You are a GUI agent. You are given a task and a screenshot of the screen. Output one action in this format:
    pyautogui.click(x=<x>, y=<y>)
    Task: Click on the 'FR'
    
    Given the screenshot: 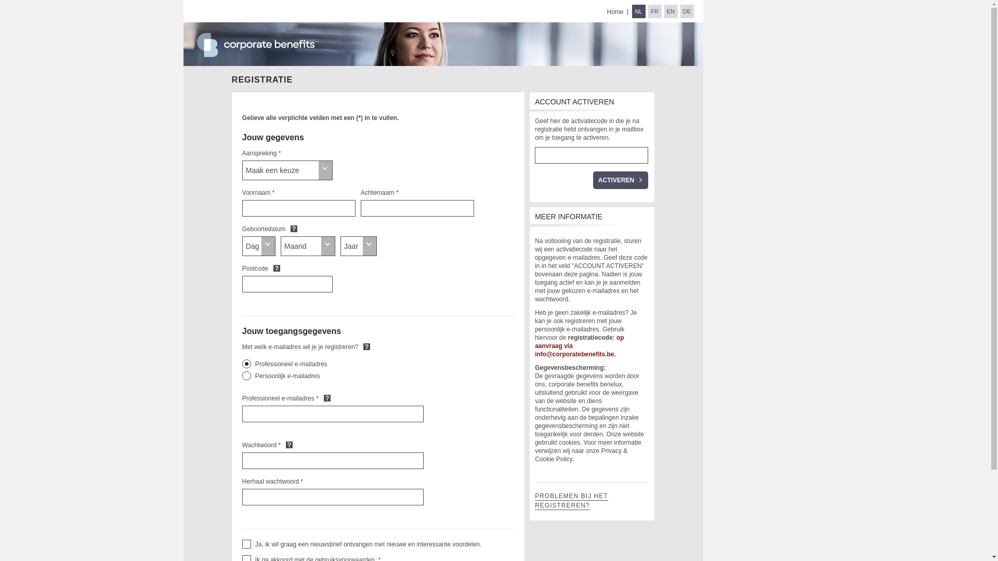 What is the action you would take?
    pyautogui.click(x=647, y=11)
    